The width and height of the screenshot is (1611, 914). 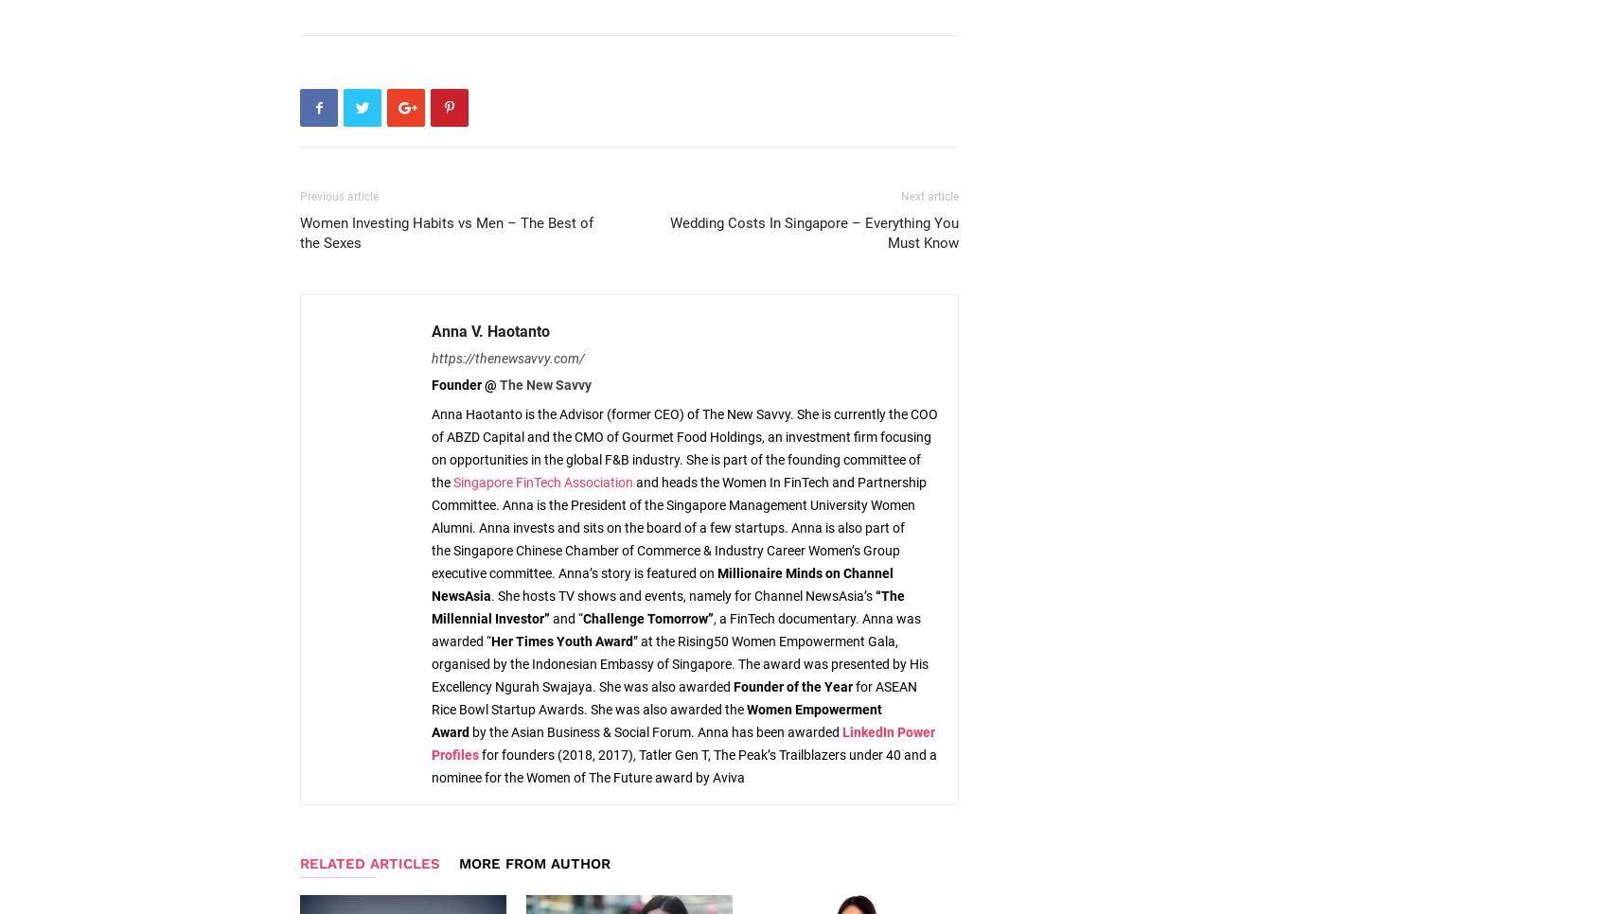 I want to click on 'Next article', so click(x=900, y=196).